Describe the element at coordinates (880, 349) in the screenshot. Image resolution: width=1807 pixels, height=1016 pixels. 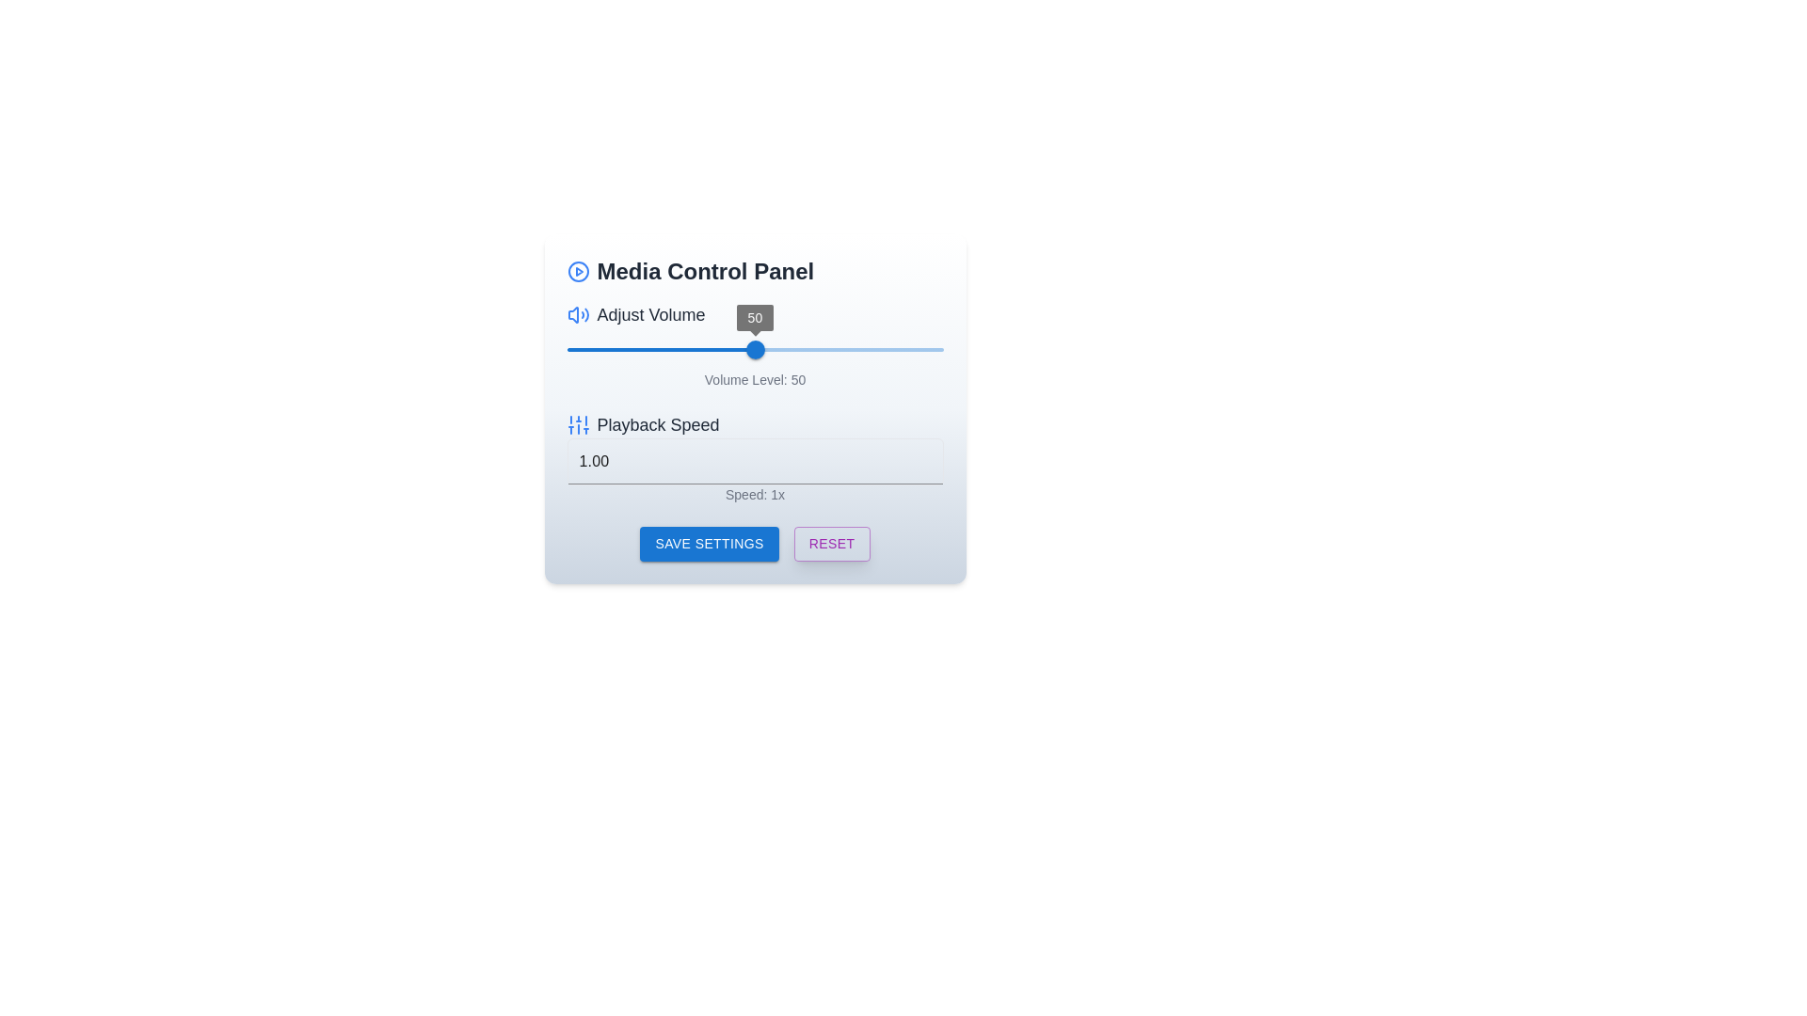
I see `the volume level` at that location.